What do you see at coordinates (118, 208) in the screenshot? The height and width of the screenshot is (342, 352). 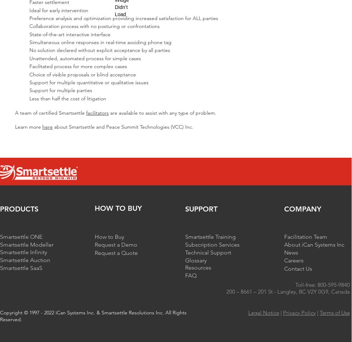 I see `'HOW TO BUY'` at bounding box center [118, 208].